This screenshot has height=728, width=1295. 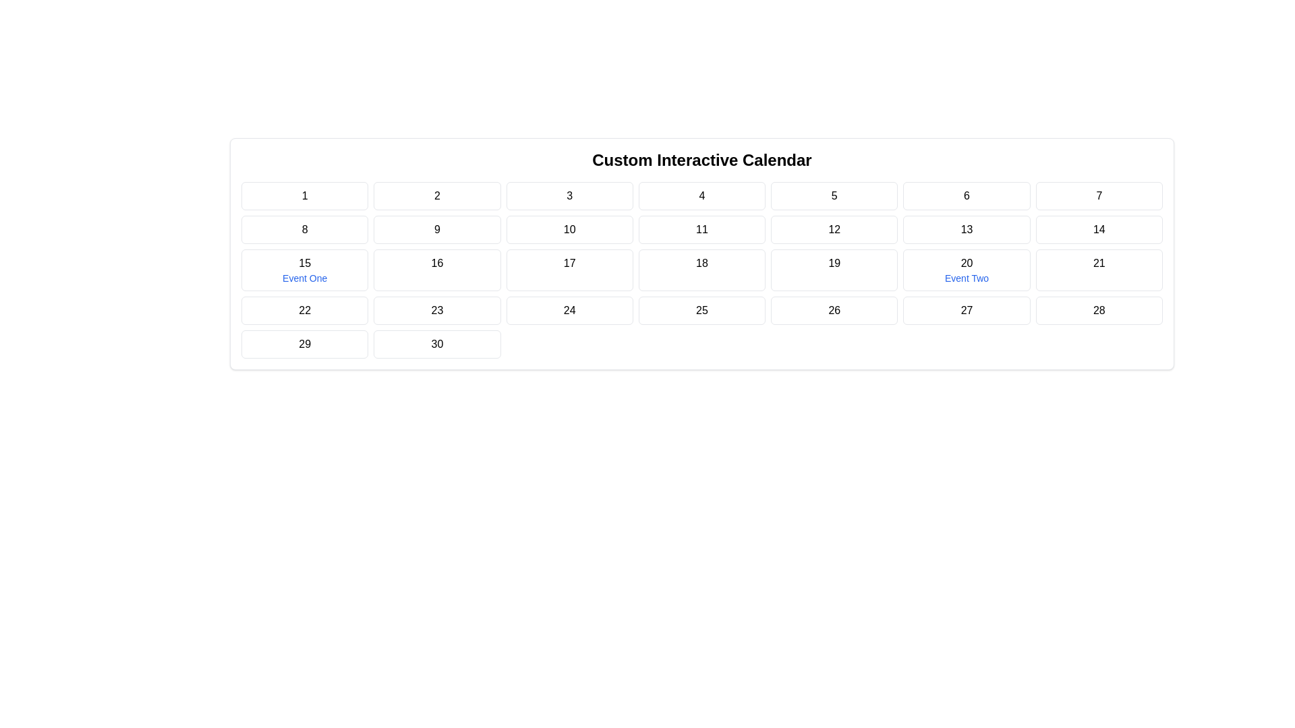 What do you see at coordinates (437, 270) in the screenshot?
I see `the calendar date box representing the 16th day of the month, which is located in the third row and second column of the calendar grid` at bounding box center [437, 270].